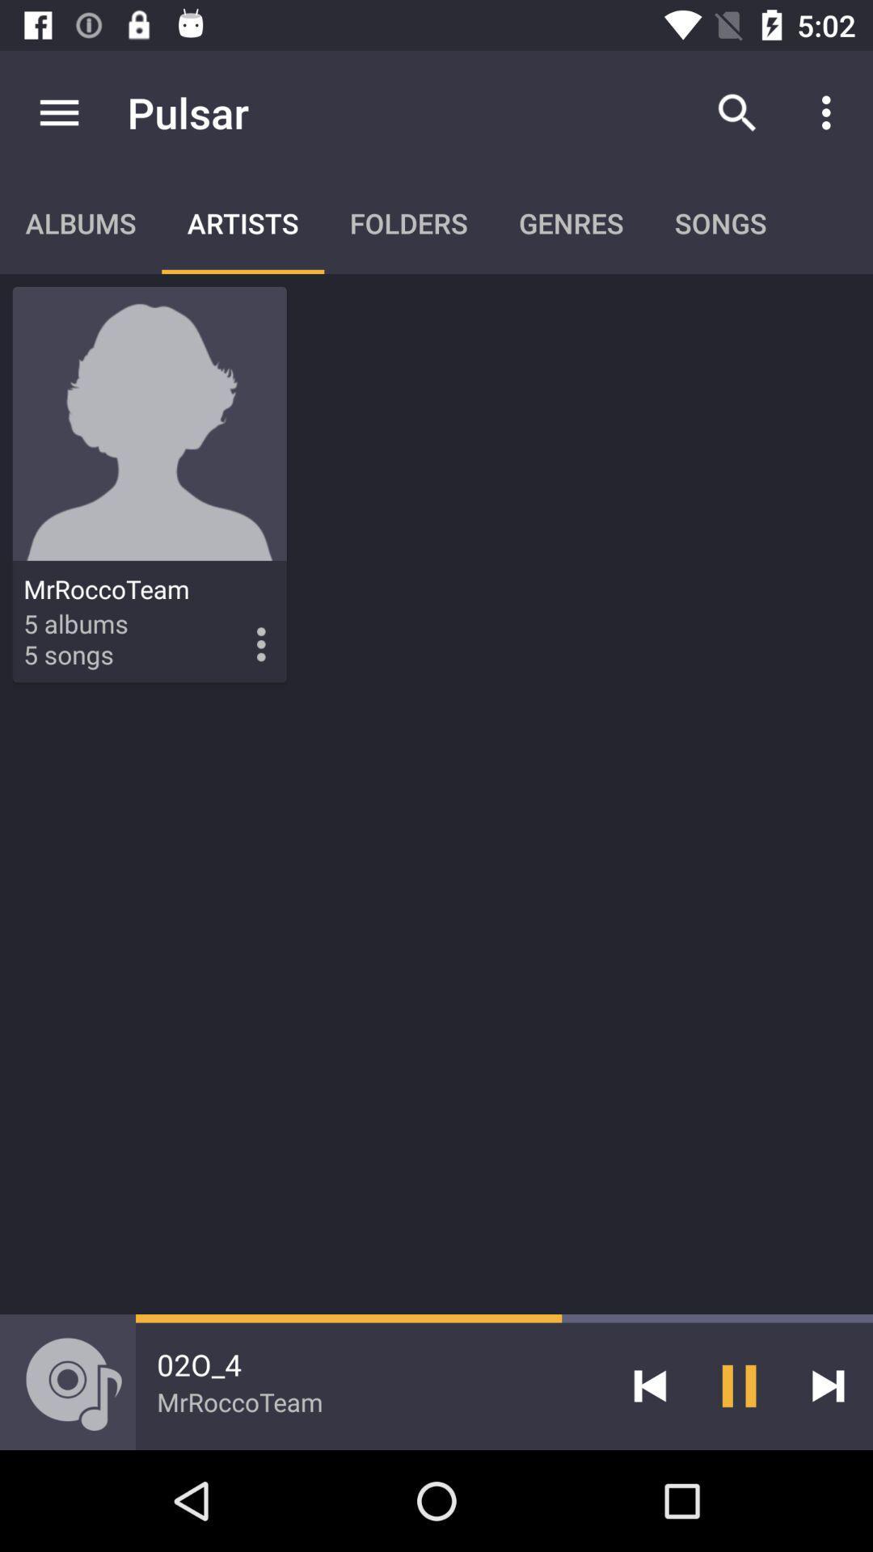 The width and height of the screenshot is (873, 1552). I want to click on the skip_previous icon, so click(649, 1385).